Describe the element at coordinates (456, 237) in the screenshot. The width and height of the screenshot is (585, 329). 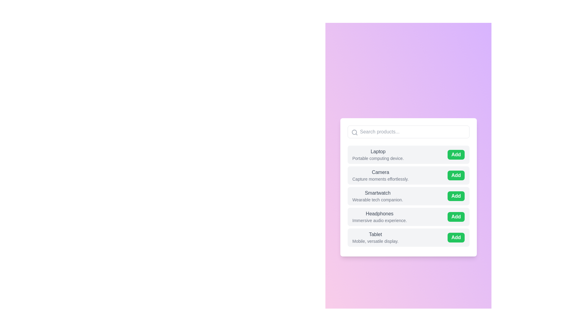
I see `the green button with the bold, white text 'Add' for accessibility` at that location.